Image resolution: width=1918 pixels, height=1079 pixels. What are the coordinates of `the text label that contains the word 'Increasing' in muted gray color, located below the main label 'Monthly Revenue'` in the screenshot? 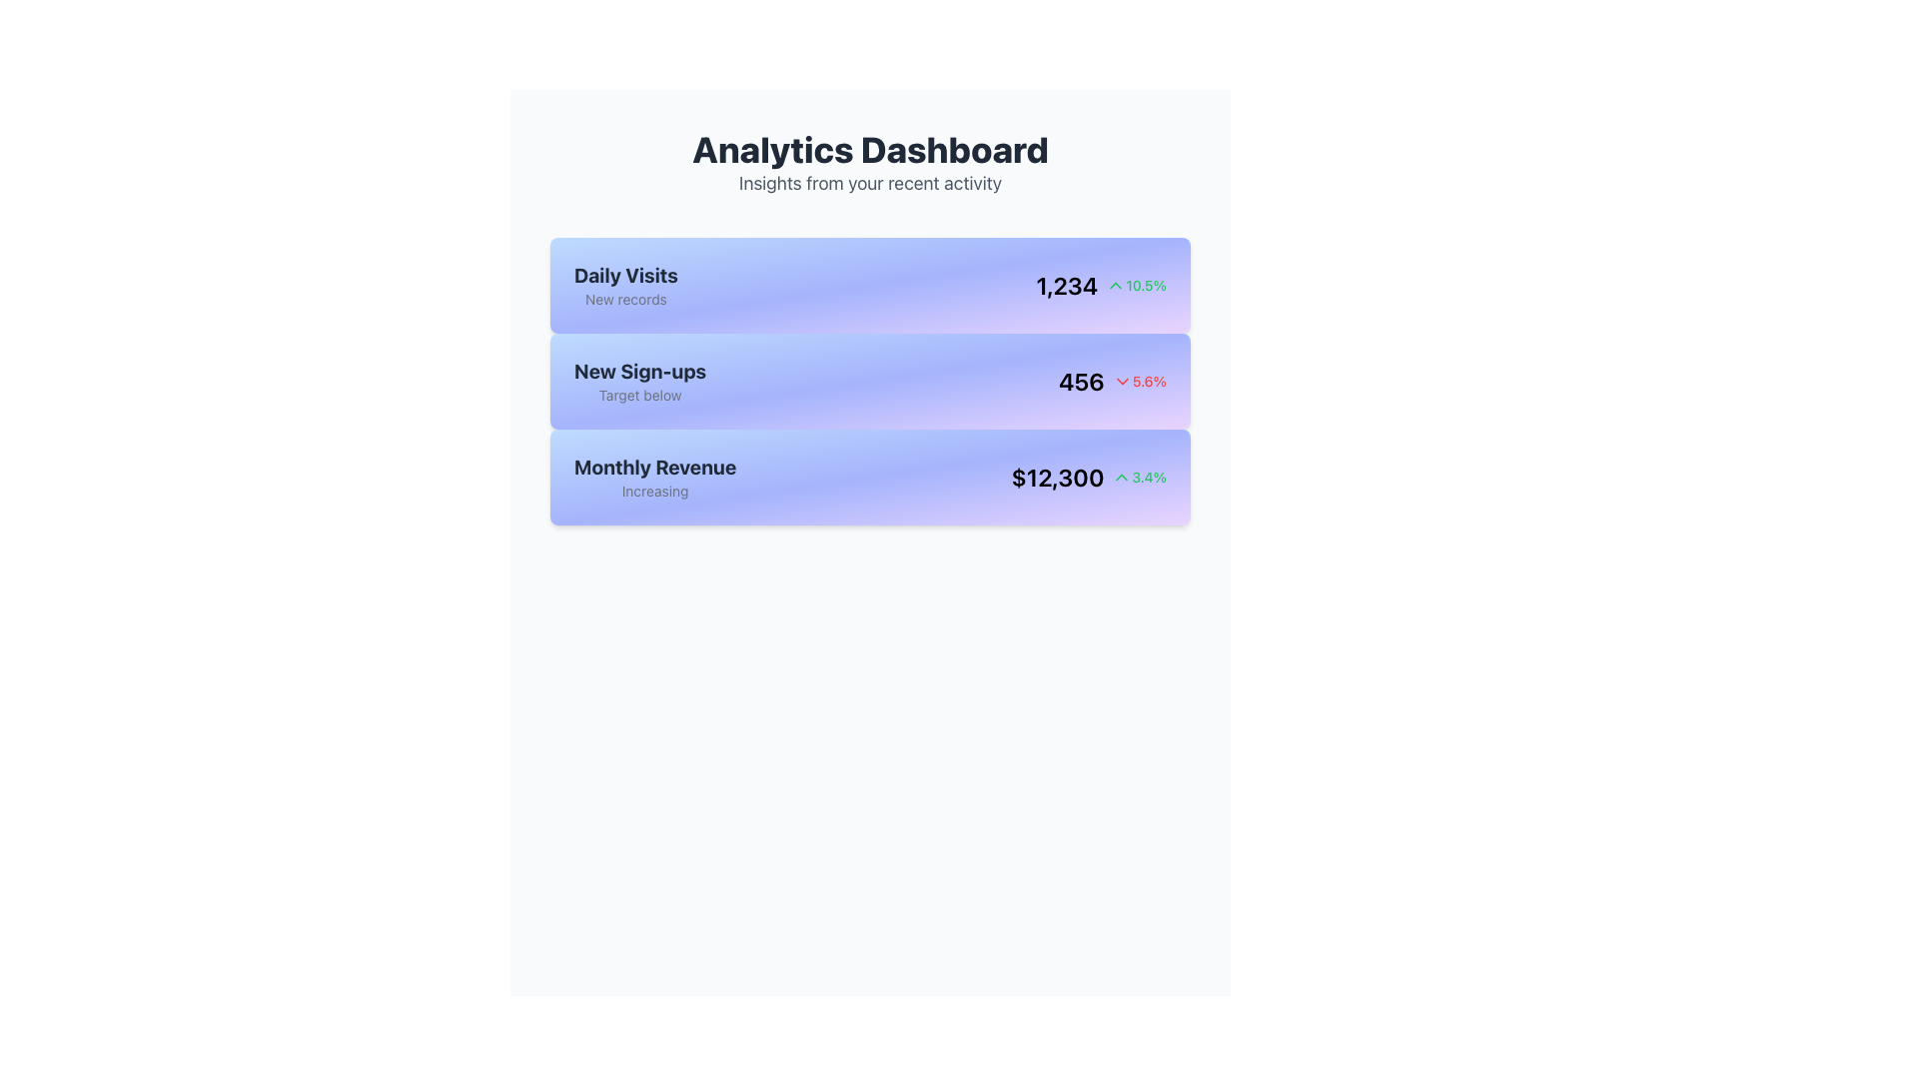 It's located at (655, 492).